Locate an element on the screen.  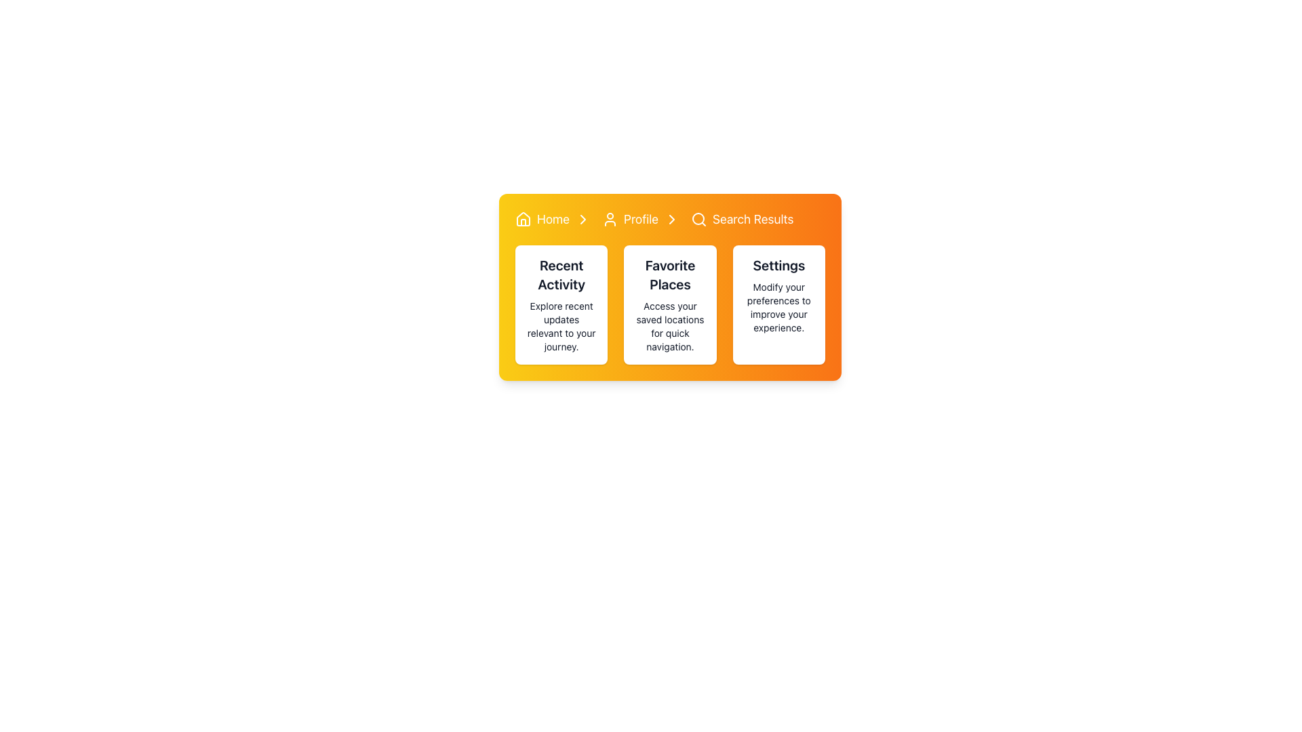
the right-facing chevron arrow icon located in the navigation bar section labeled 'Home', which indicates progression or navigation and is positioned to the right of the 'Home' text and before the 'Profile' text is located at coordinates (583, 219).